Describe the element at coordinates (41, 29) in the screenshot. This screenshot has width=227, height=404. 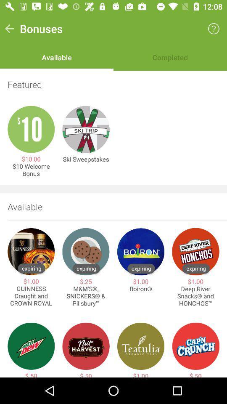
I see `the bonuses icon` at that location.